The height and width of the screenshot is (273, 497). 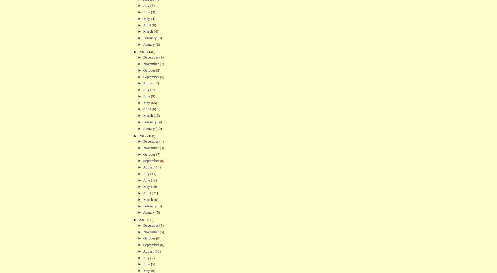 I want to click on '2017', so click(x=143, y=135).